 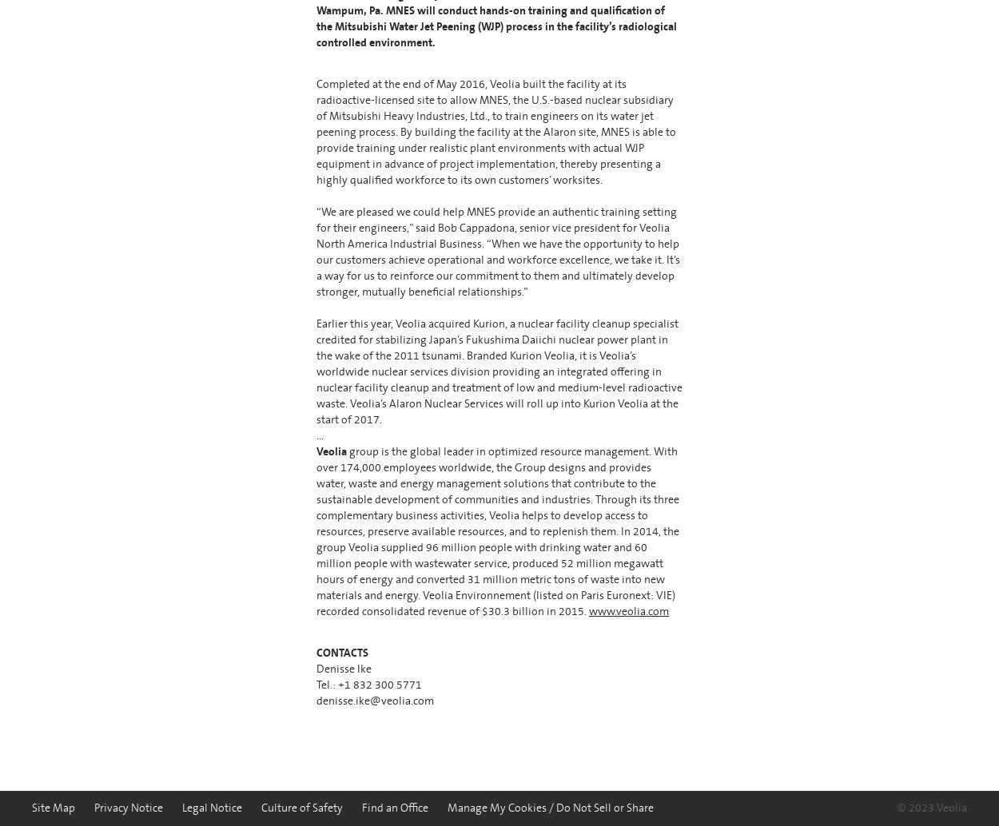 I want to click on 'Denisse Ike', so click(x=344, y=668).